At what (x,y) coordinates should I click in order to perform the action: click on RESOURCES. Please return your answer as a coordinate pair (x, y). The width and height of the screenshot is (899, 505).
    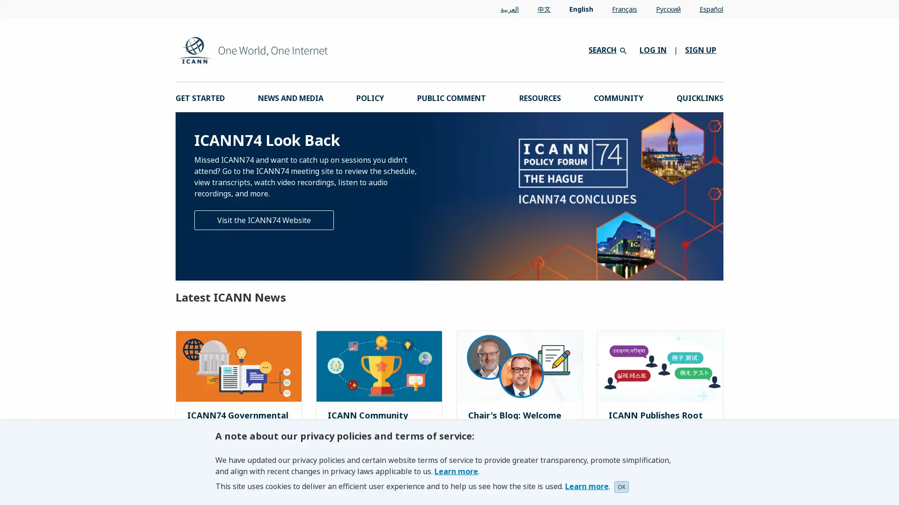
    Looking at the image, I should click on (539, 97).